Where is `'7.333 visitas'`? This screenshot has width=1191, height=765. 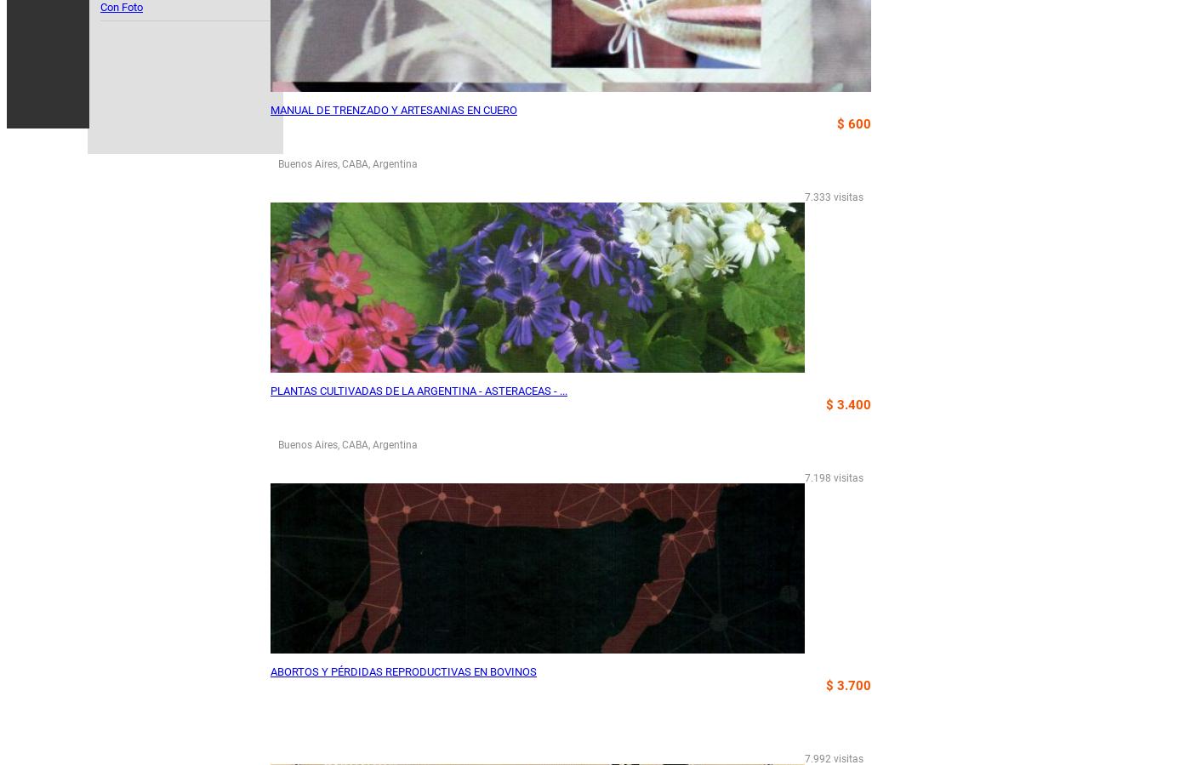 '7.333 visitas' is located at coordinates (833, 197).